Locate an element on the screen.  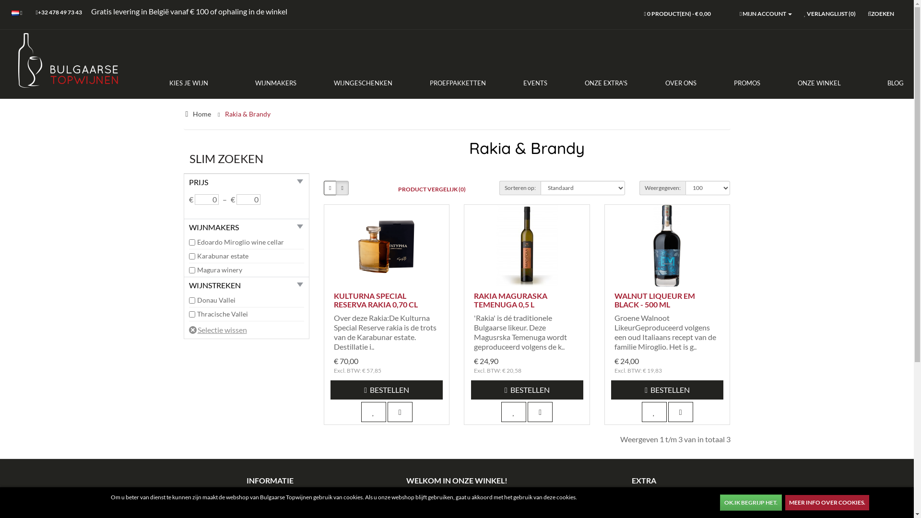
'EVENTS' is located at coordinates (535, 82).